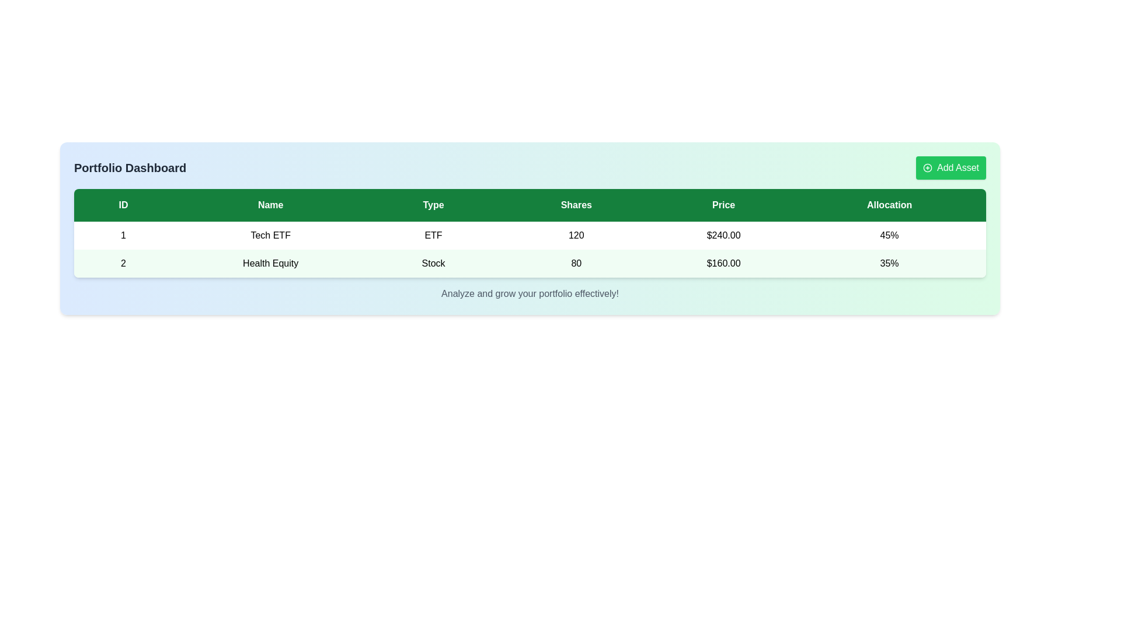 The width and height of the screenshot is (1121, 630). Describe the element at coordinates (270, 236) in the screenshot. I see `the Text label displaying the name 'Tech ETF' in the financial portfolio dashboard, located in the first row of the table under the 'Name' column` at that location.